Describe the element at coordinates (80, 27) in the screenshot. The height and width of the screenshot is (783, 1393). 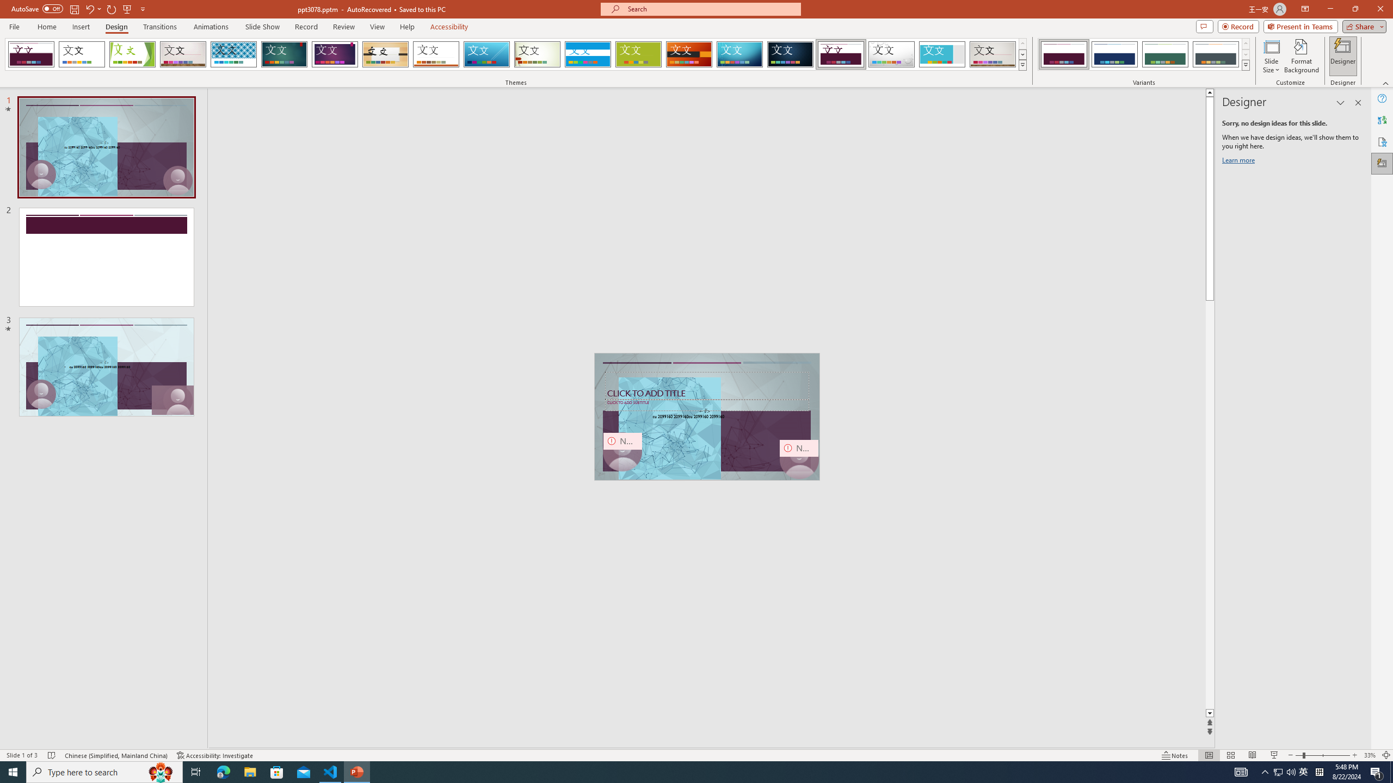
I see `'Insert'` at that location.